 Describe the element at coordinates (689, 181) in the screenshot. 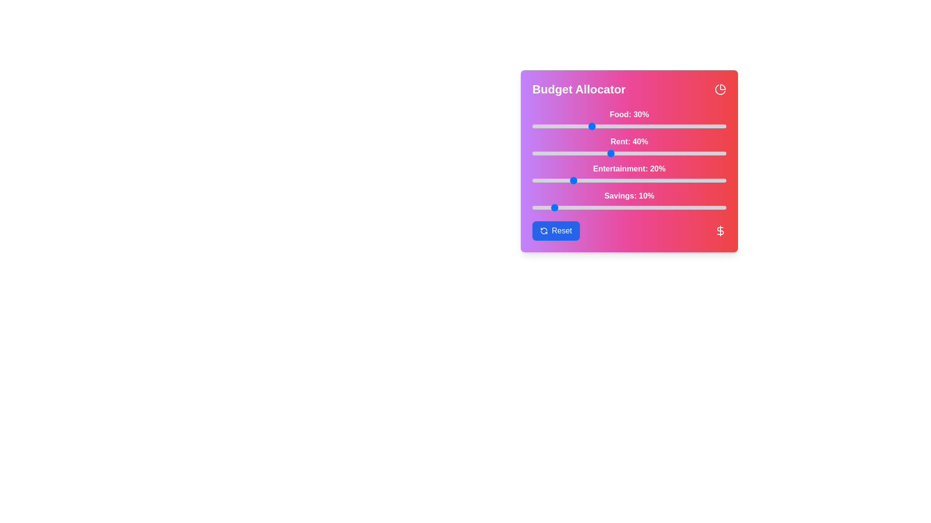

I see `the entertainment budget` at that location.